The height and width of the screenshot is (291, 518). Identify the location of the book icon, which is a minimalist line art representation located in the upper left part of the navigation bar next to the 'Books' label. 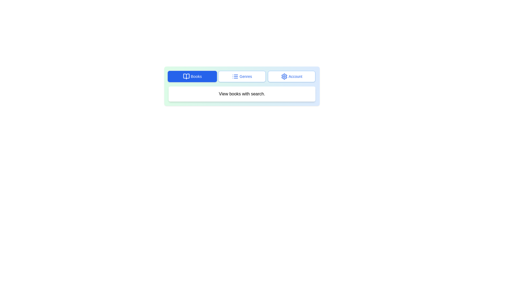
(186, 77).